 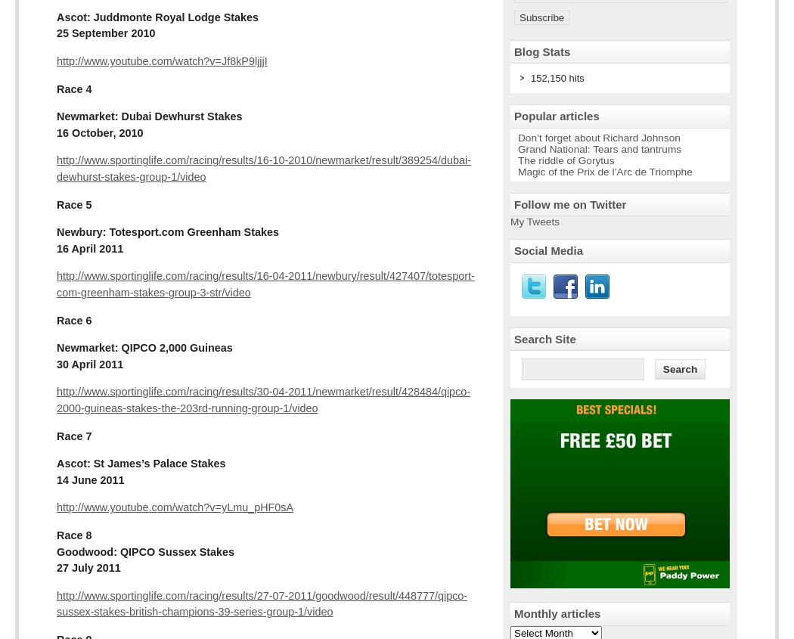 I want to click on 'Race 7', so click(x=73, y=435).